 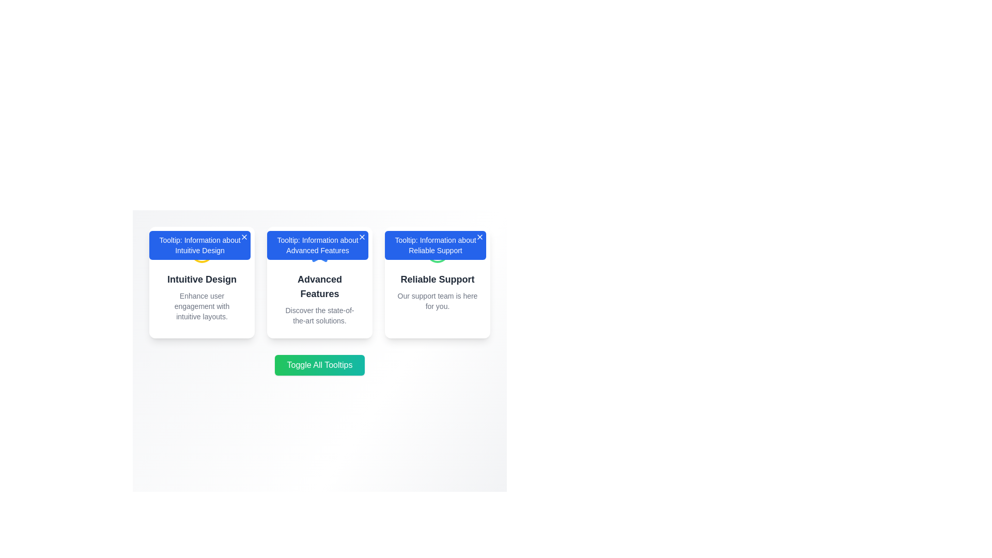 I want to click on the tooltip of the Informational card titled 'Intuitive Design', which is located in the leftmost column of a three-column layout, so click(x=202, y=283).